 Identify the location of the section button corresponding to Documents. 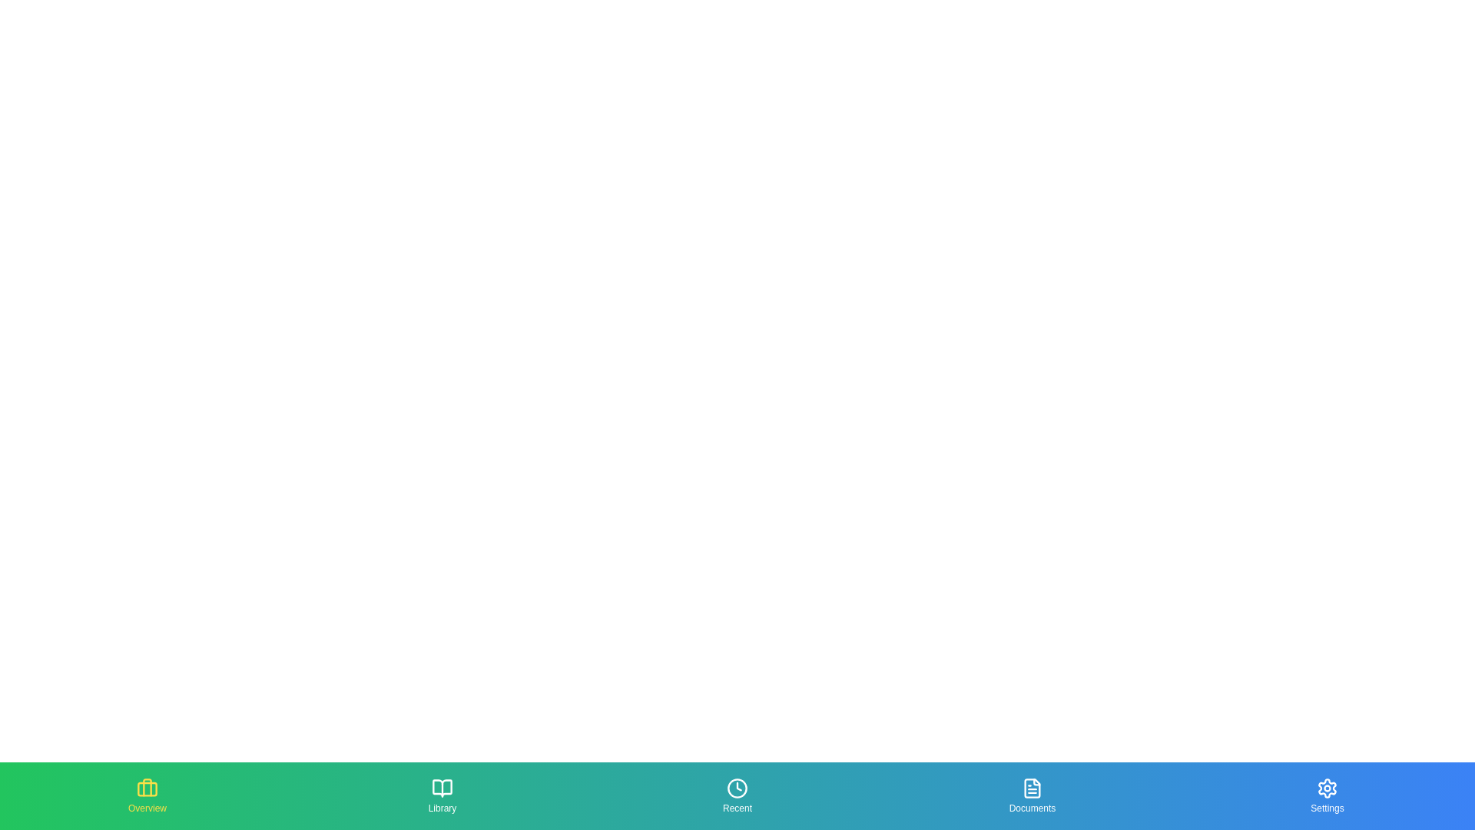
(1032, 795).